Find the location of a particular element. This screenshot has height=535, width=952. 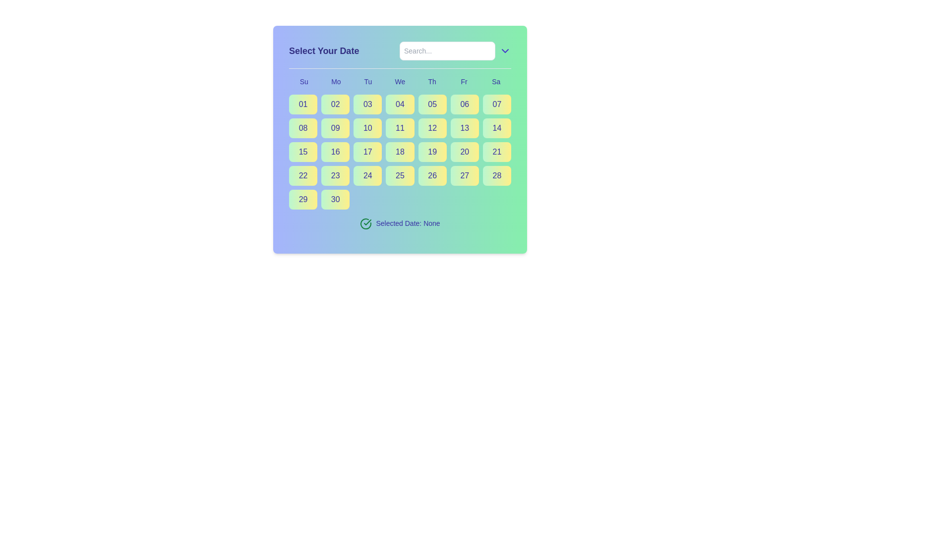

the rounded rectangular button labeled '11' with a gradient background from green to yellow, located in the second row and fourth column of the grid, corresponding to Wednesday is located at coordinates (400, 127).